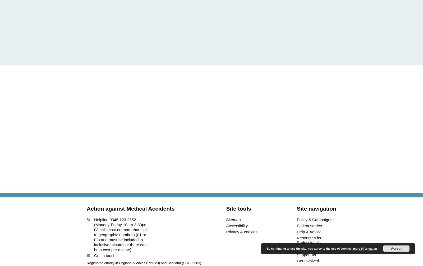 The width and height of the screenshot is (423, 266). I want to click on 'About us', so click(304, 249).